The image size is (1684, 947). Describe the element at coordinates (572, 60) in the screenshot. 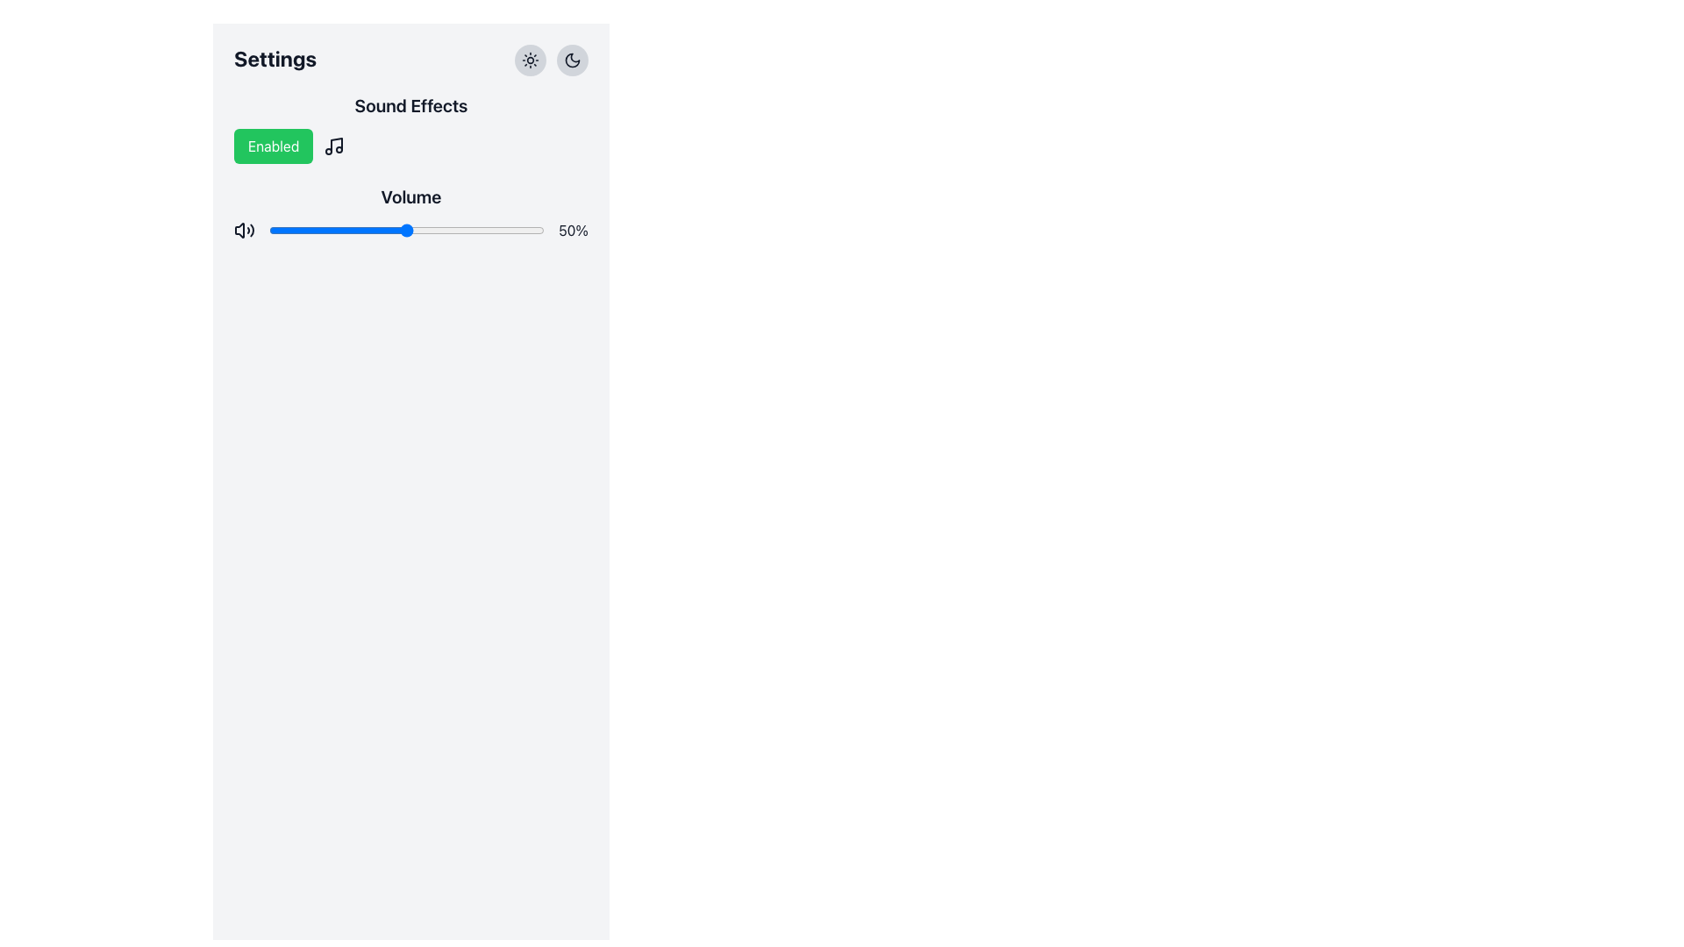

I see `the circular button with a light gray background and a crescent moon icon in the top-right corner` at that location.